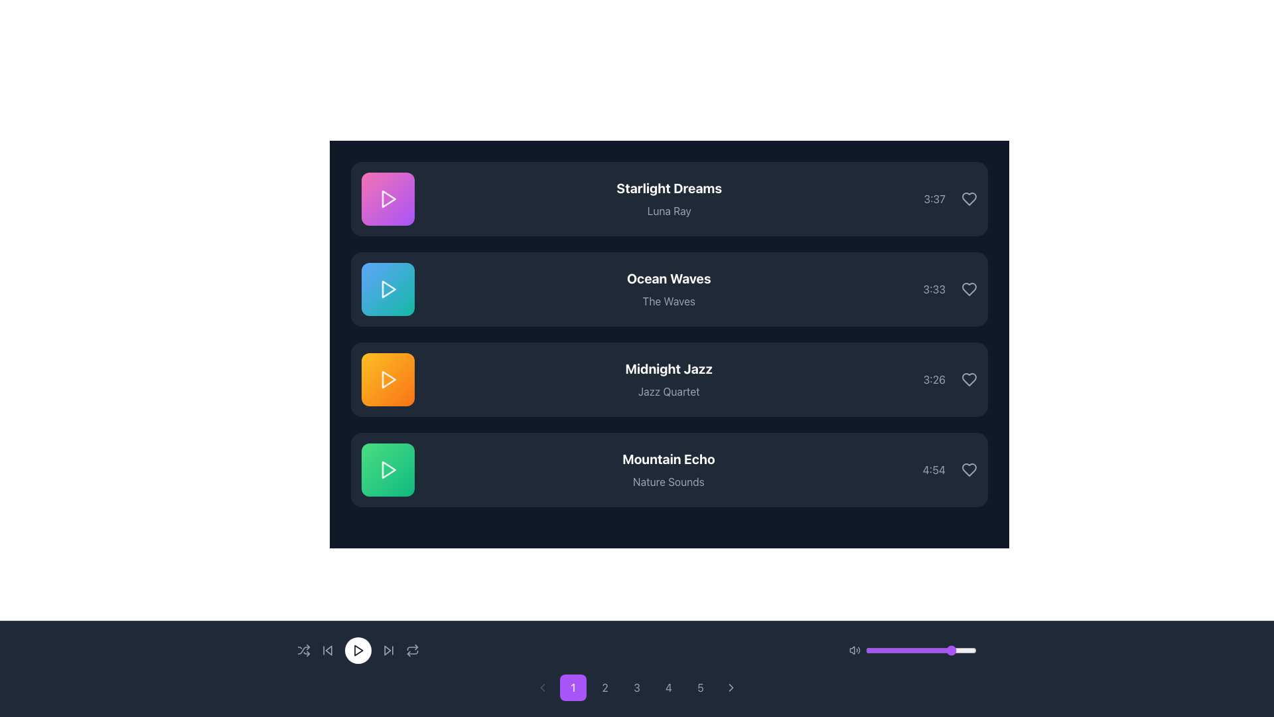 This screenshot has width=1274, height=717. Describe the element at coordinates (927, 649) in the screenshot. I see `the volume` at that location.